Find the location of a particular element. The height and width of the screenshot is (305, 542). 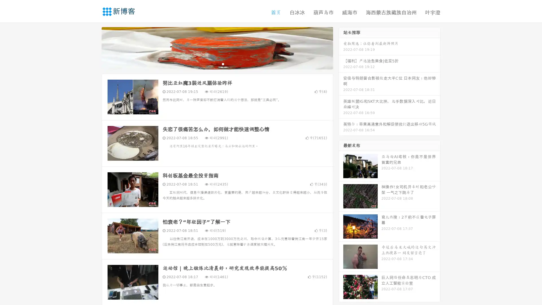

Go to slide 3 is located at coordinates (223, 64).